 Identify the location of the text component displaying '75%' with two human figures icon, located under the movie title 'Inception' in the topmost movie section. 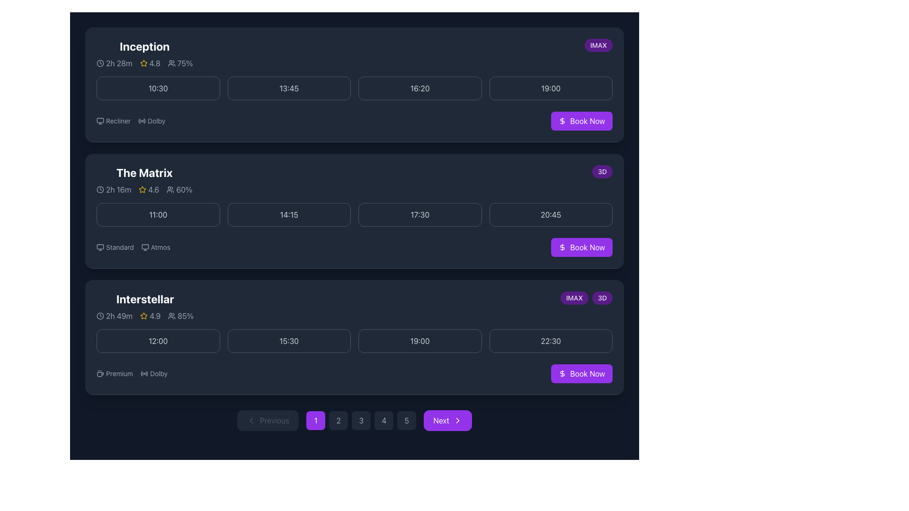
(180, 63).